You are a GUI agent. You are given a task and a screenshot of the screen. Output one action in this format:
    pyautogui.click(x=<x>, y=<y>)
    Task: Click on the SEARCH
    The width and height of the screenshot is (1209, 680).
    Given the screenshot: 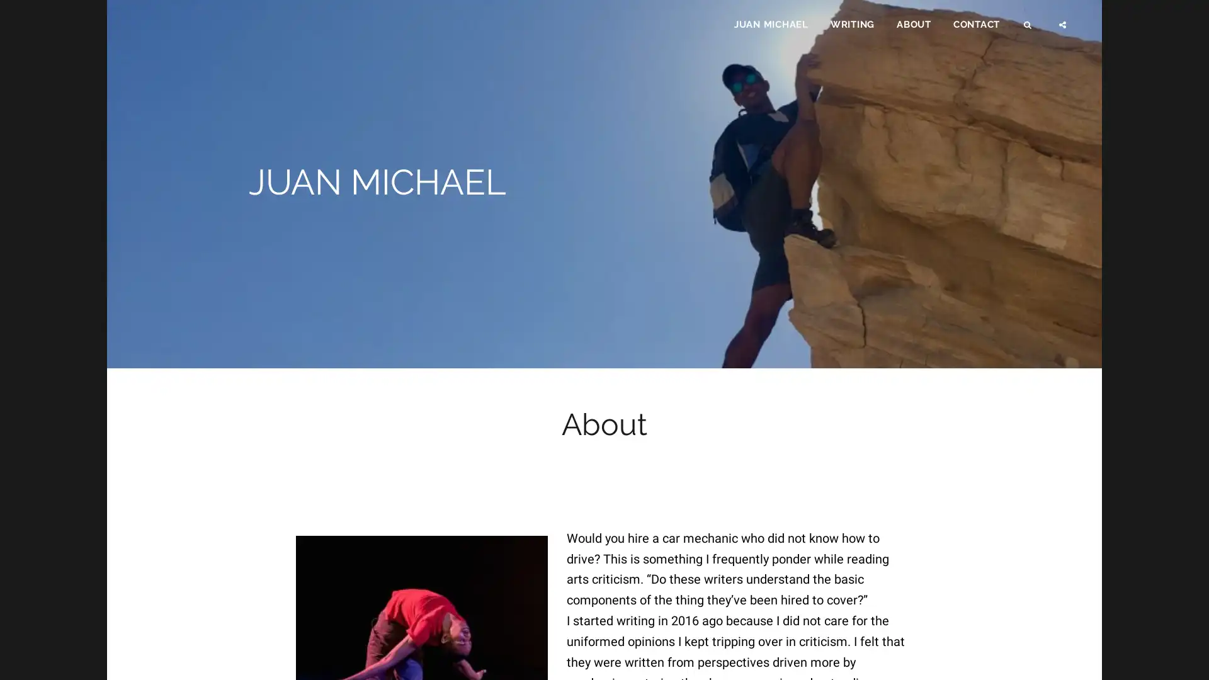 What is the action you would take?
    pyautogui.click(x=1028, y=29)
    